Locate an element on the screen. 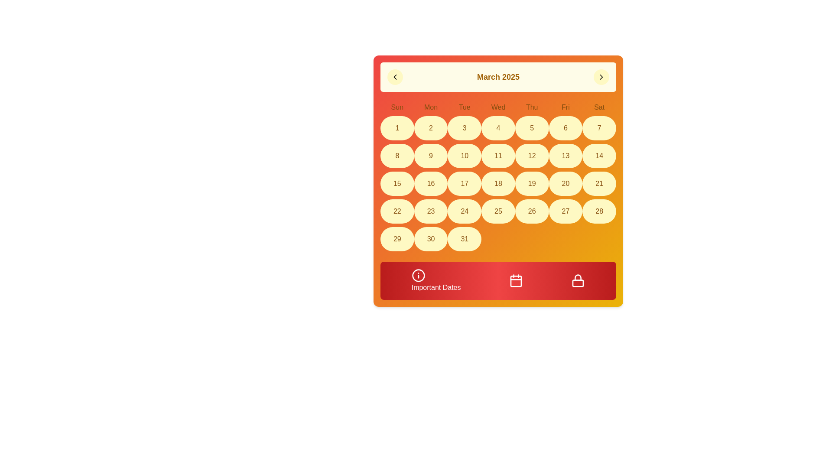 This screenshot has width=832, height=468. the circular button-like calendar date display showing the number '11' in bold, brown font is located at coordinates (498, 155).